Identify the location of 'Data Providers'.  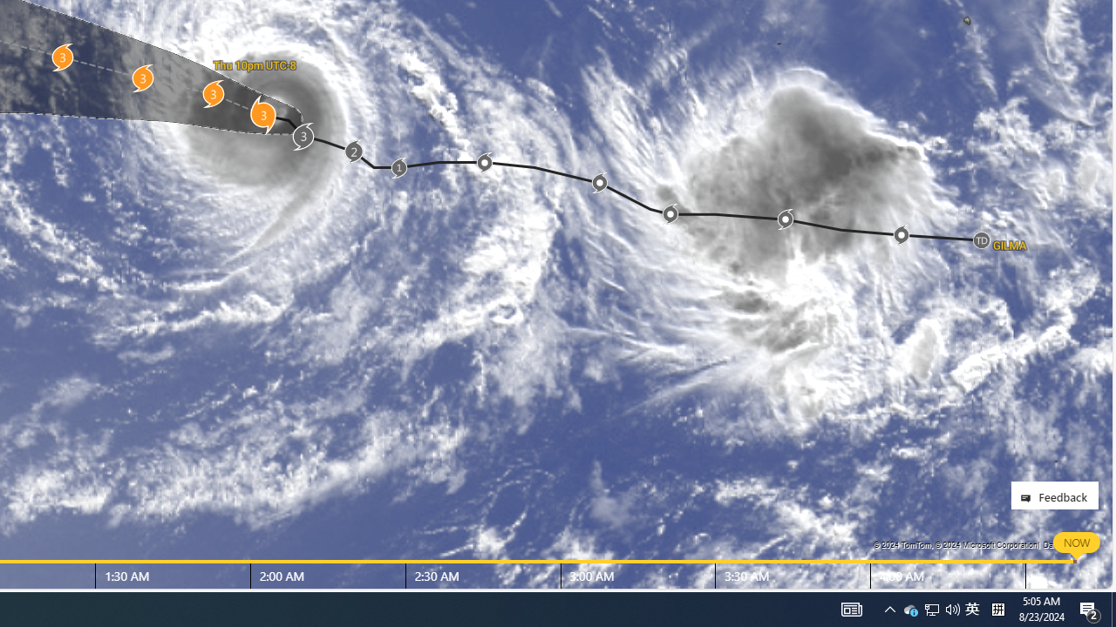
(1067, 543).